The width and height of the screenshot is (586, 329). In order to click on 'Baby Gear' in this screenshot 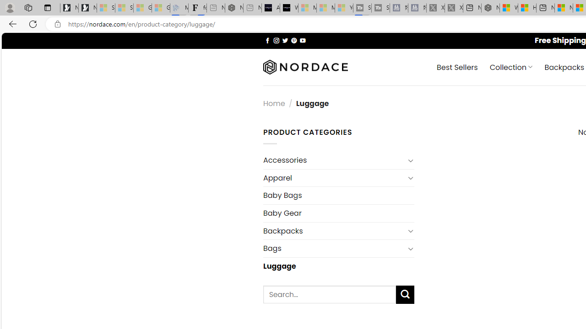, I will do `click(338, 213)`.